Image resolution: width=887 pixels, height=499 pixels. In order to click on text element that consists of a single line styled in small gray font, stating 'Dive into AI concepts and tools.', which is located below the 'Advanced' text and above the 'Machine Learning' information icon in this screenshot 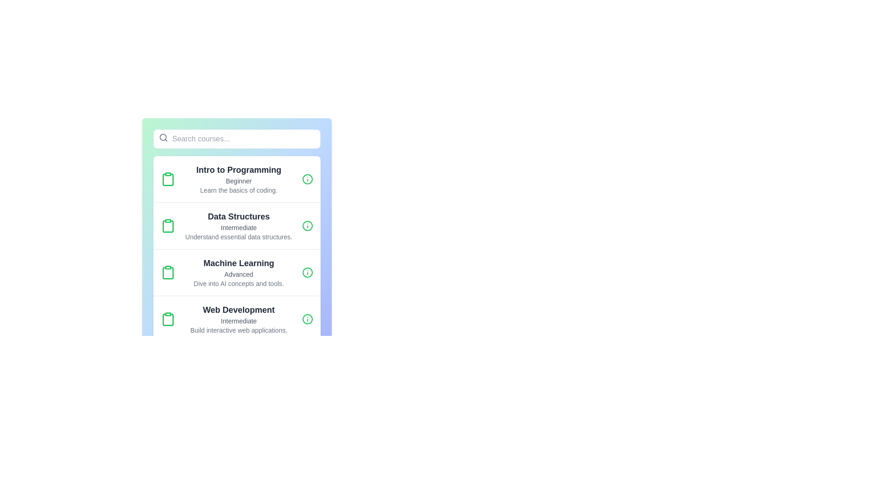, I will do `click(239, 283)`.